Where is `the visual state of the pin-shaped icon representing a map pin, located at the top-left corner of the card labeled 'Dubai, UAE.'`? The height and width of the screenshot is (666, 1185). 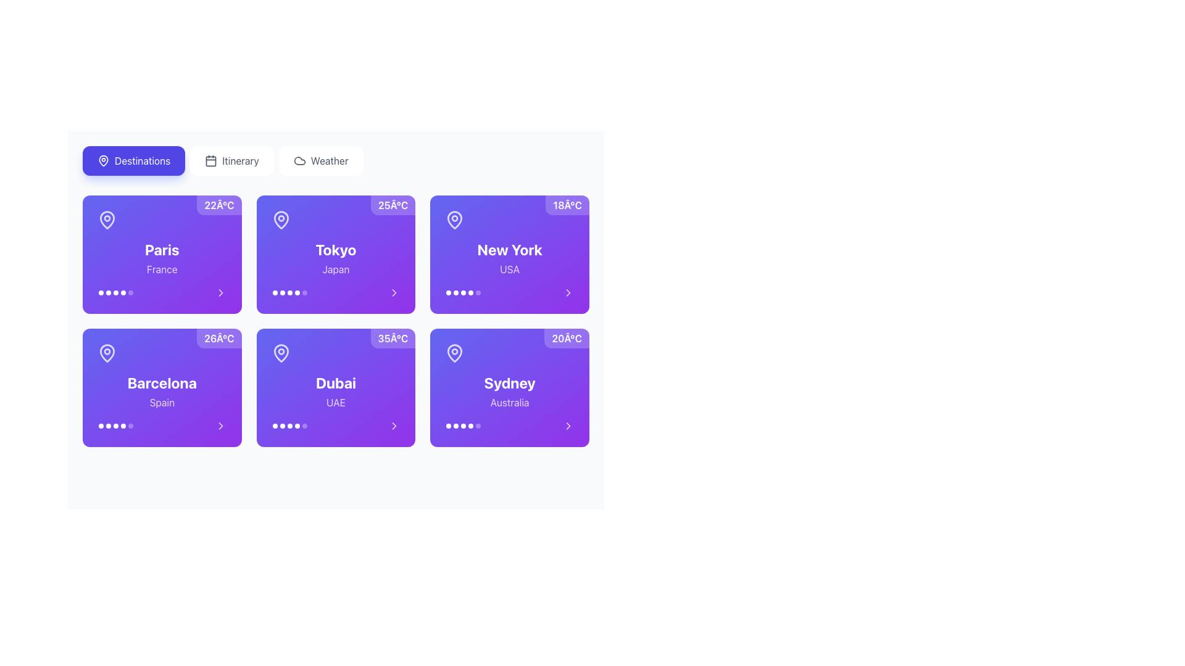 the visual state of the pin-shaped icon representing a map pin, located at the top-left corner of the card labeled 'Dubai, UAE.' is located at coordinates (280, 353).